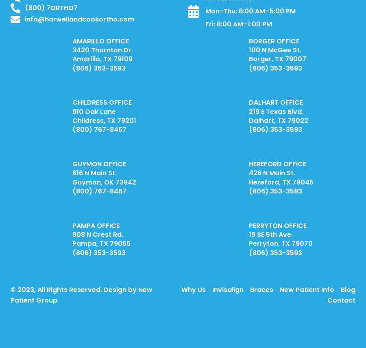 Image resolution: width=366 pixels, height=348 pixels. What do you see at coordinates (95, 225) in the screenshot?
I see `'PAMPA OFFICE'` at bounding box center [95, 225].